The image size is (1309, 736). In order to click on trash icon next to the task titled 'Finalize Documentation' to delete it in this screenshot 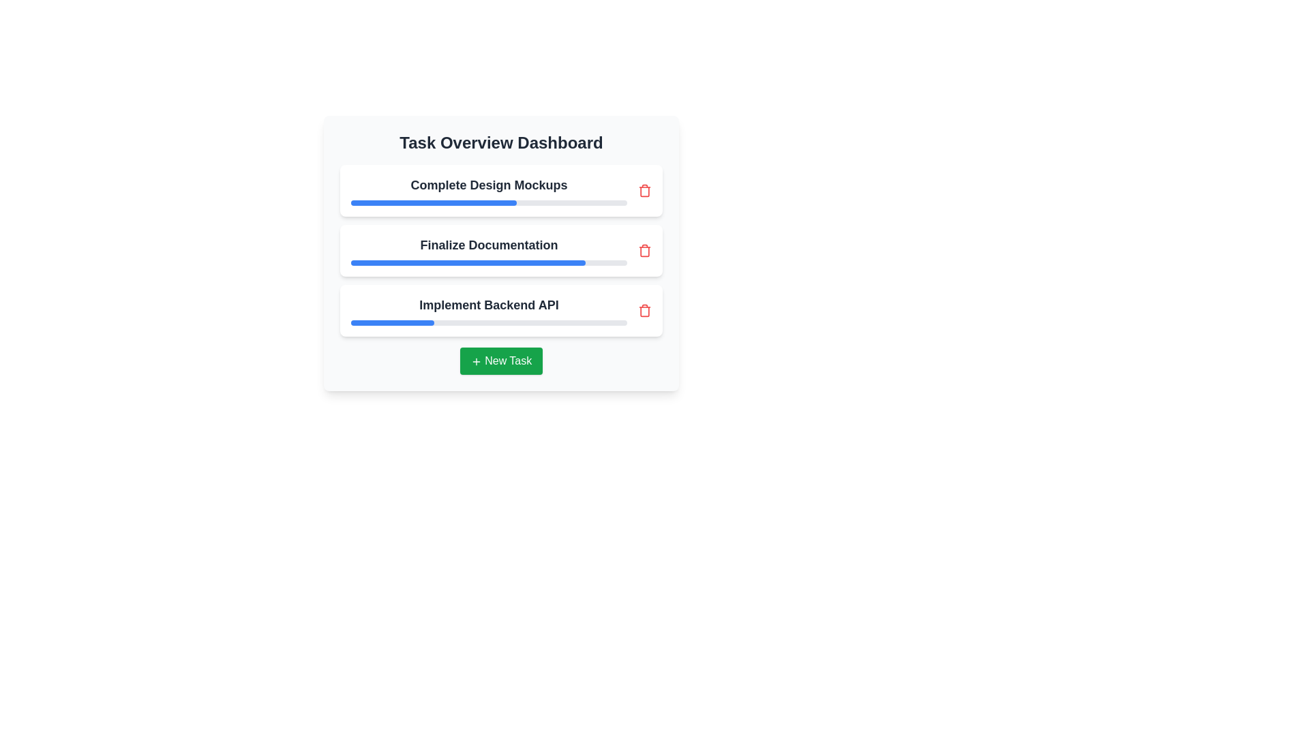, I will do `click(644, 250)`.